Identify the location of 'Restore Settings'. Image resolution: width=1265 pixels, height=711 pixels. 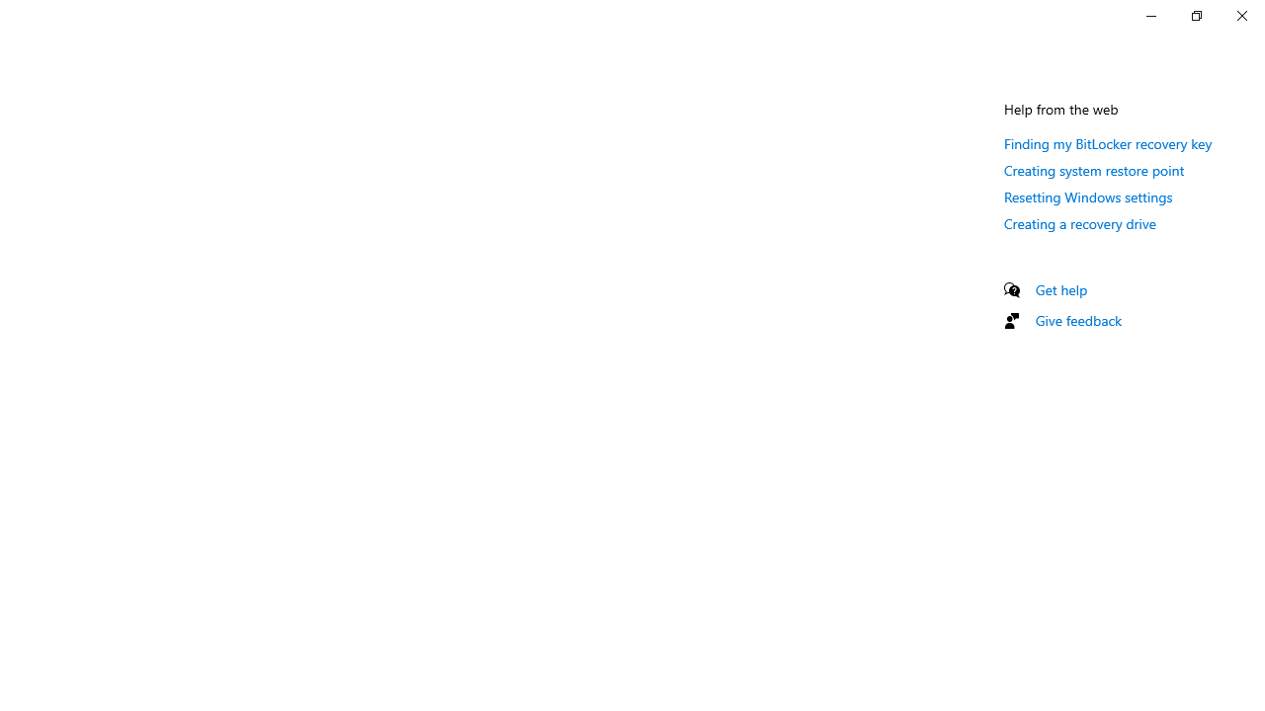
(1195, 15).